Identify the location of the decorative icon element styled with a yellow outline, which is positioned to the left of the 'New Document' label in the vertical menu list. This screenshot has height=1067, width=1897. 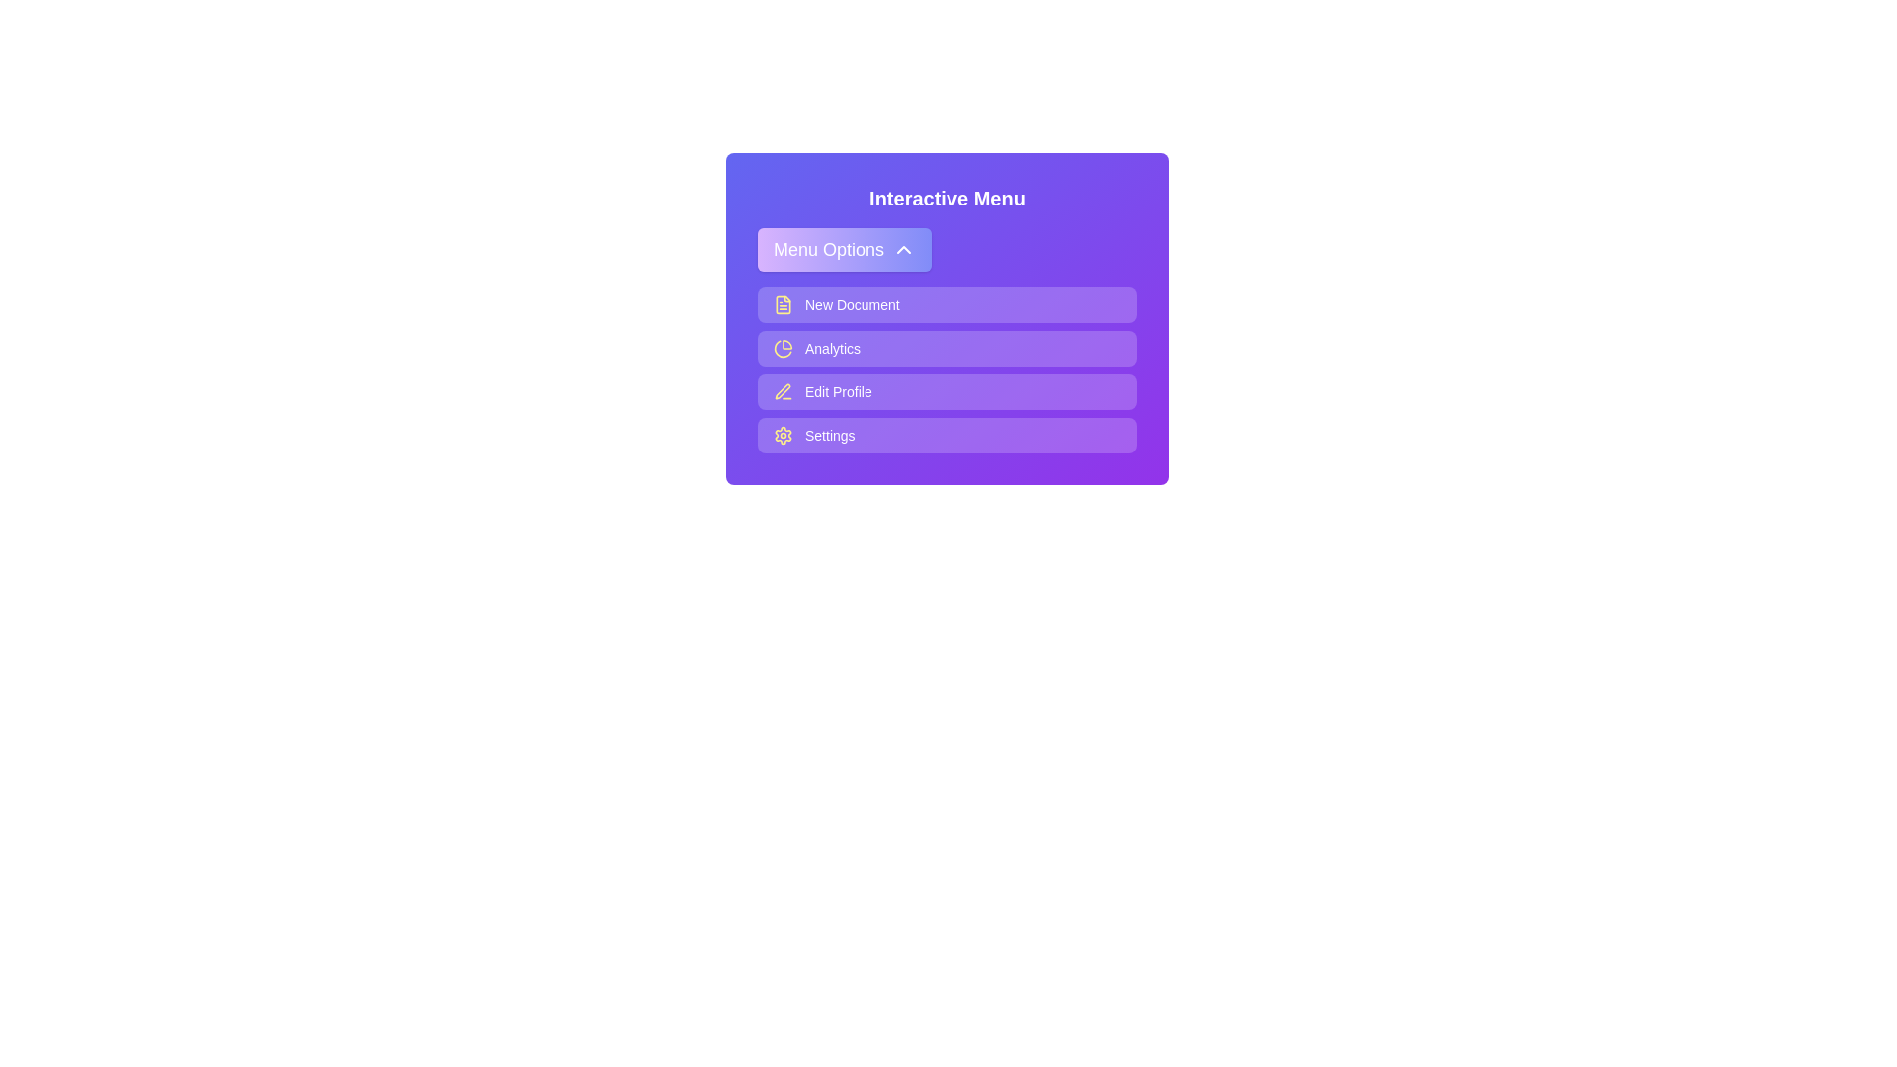
(782, 304).